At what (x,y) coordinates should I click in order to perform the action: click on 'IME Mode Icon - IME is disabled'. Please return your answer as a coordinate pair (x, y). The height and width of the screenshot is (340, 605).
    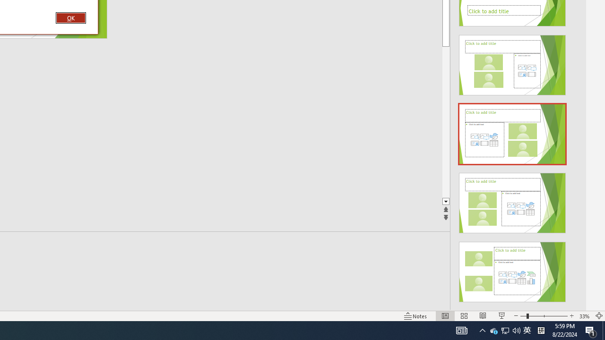
    Looking at the image, I should click on (527, 330).